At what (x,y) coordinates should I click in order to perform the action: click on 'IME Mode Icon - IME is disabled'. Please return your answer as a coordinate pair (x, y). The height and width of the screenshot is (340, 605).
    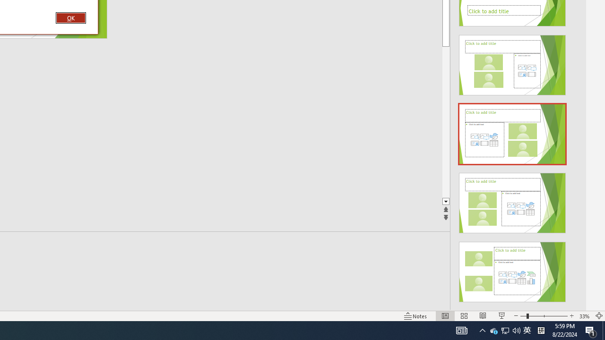
    Looking at the image, I should click on (527, 330).